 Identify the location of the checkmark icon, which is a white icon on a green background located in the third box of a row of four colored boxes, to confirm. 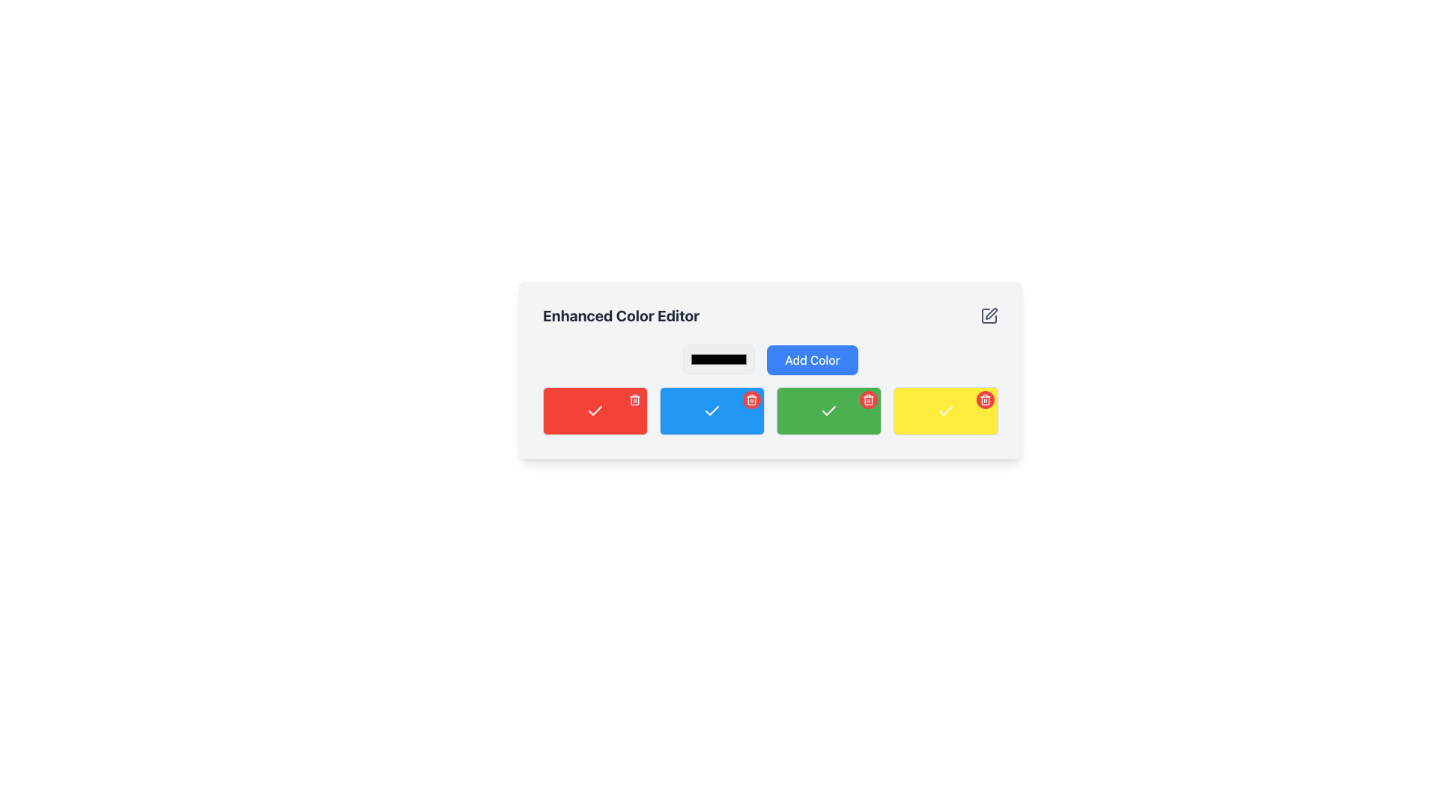
(828, 410).